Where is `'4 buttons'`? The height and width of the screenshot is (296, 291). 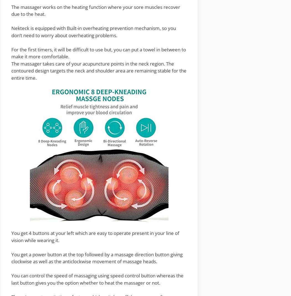 '4 buttons' is located at coordinates (39, 233).